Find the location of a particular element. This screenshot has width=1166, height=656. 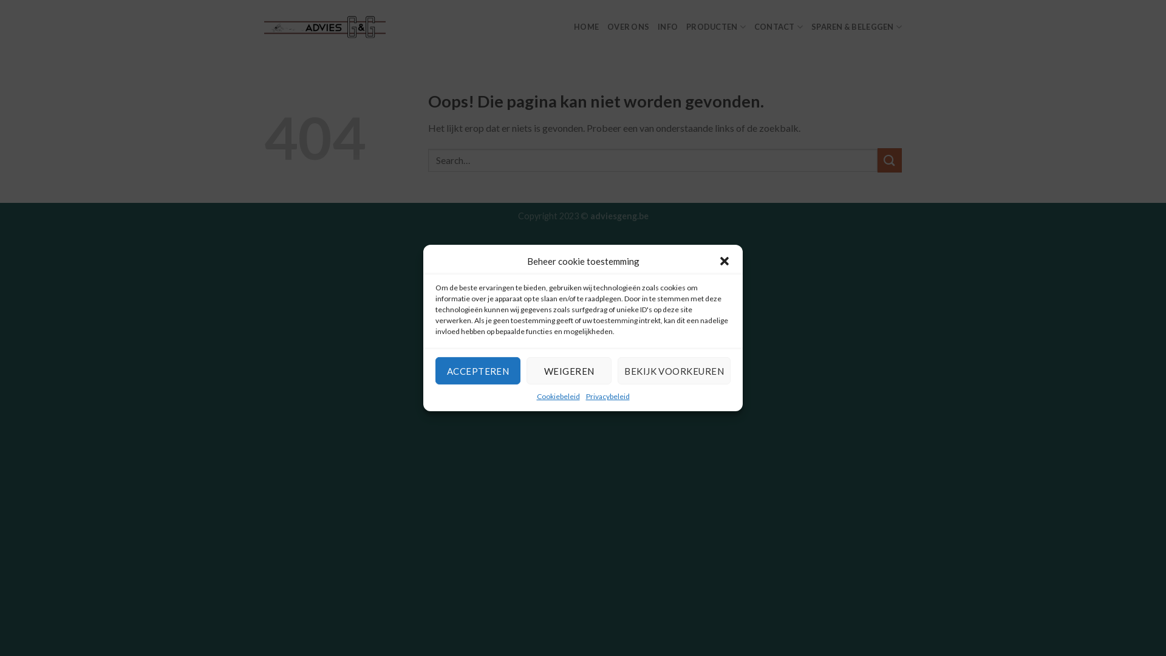

'Privacybeleid' is located at coordinates (585, 396).